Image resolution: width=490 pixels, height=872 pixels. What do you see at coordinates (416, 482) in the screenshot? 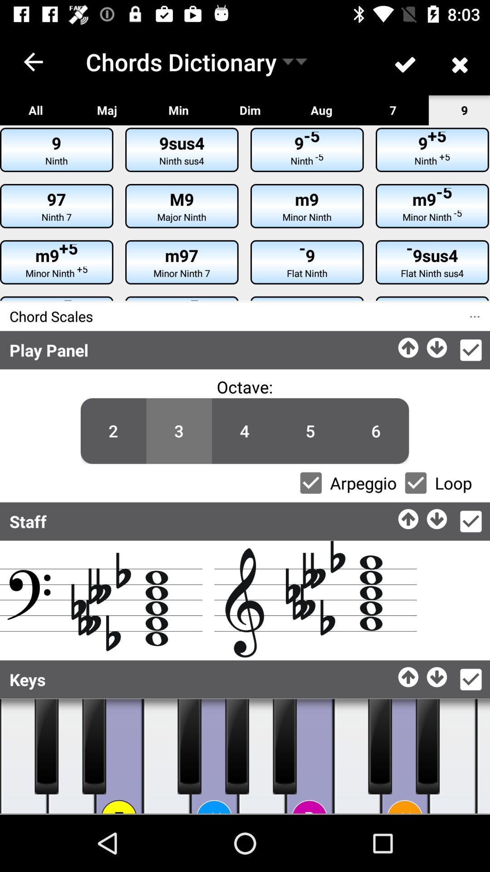
I see `button to loop option` at bounding box center [416, 482].